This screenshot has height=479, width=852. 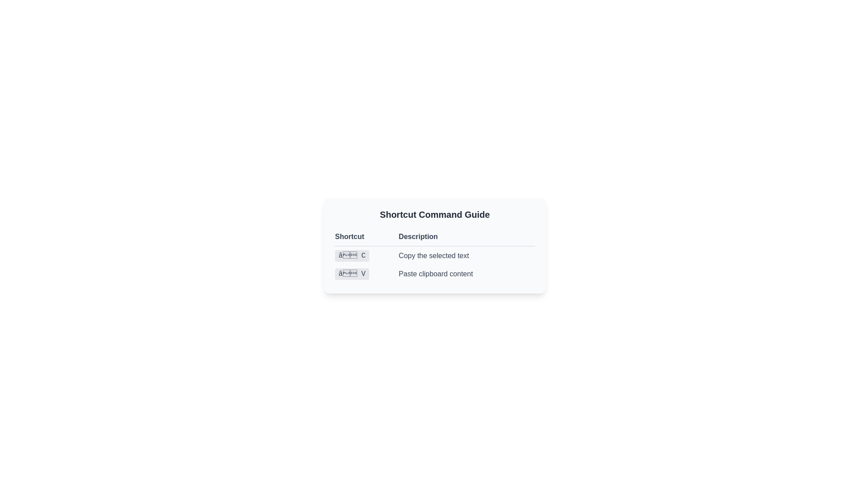 I want to click on the Text label that describes the keyboard shortcut '⌘ C' for copying selected text, so click(x=434, y=255).